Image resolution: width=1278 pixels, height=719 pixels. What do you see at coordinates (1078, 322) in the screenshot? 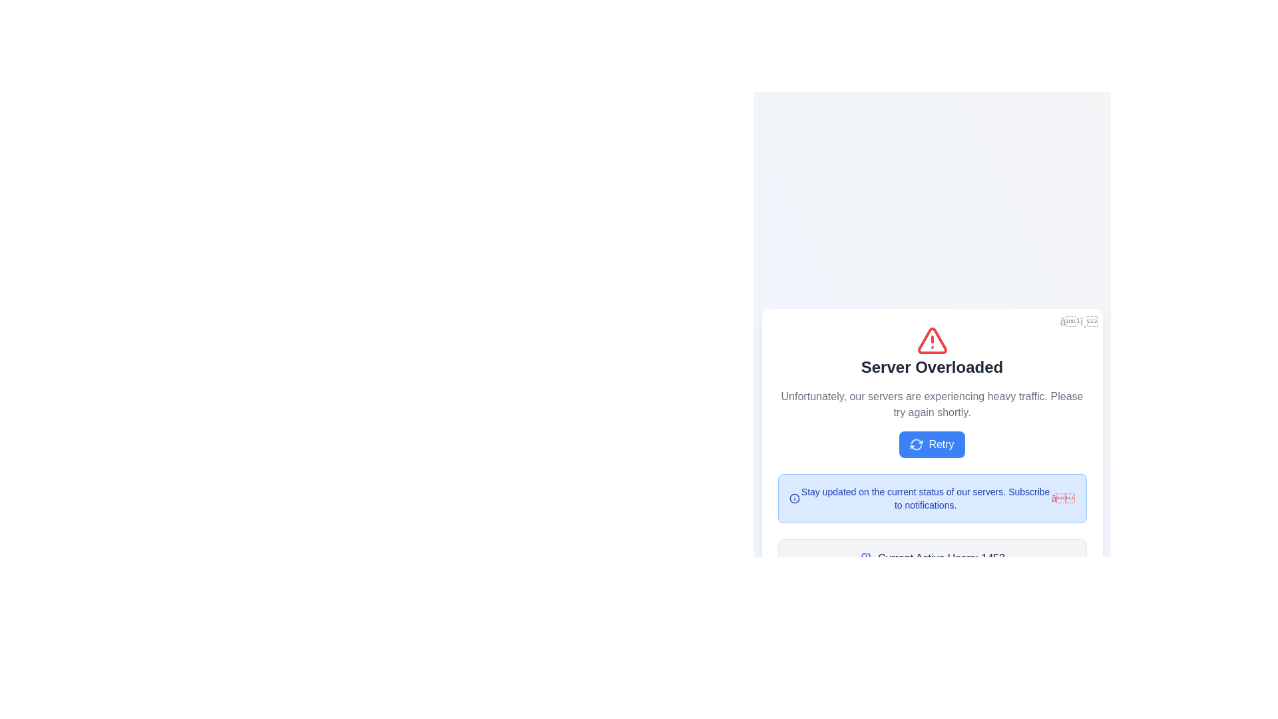
I see `the decorative icon located at the top-right corner of the modal interface, which serves as a passive indicator and is isolated from the text content below` at bounding box center [1078, 322].